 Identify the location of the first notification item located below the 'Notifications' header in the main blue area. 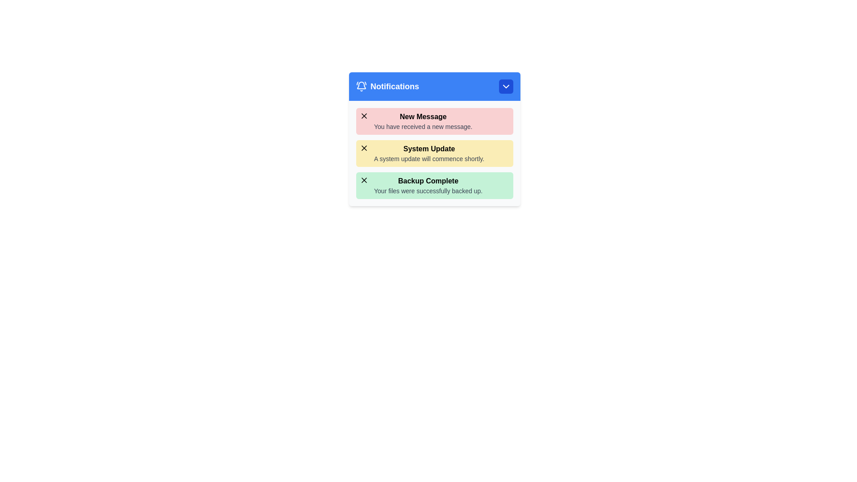
(423, 121).